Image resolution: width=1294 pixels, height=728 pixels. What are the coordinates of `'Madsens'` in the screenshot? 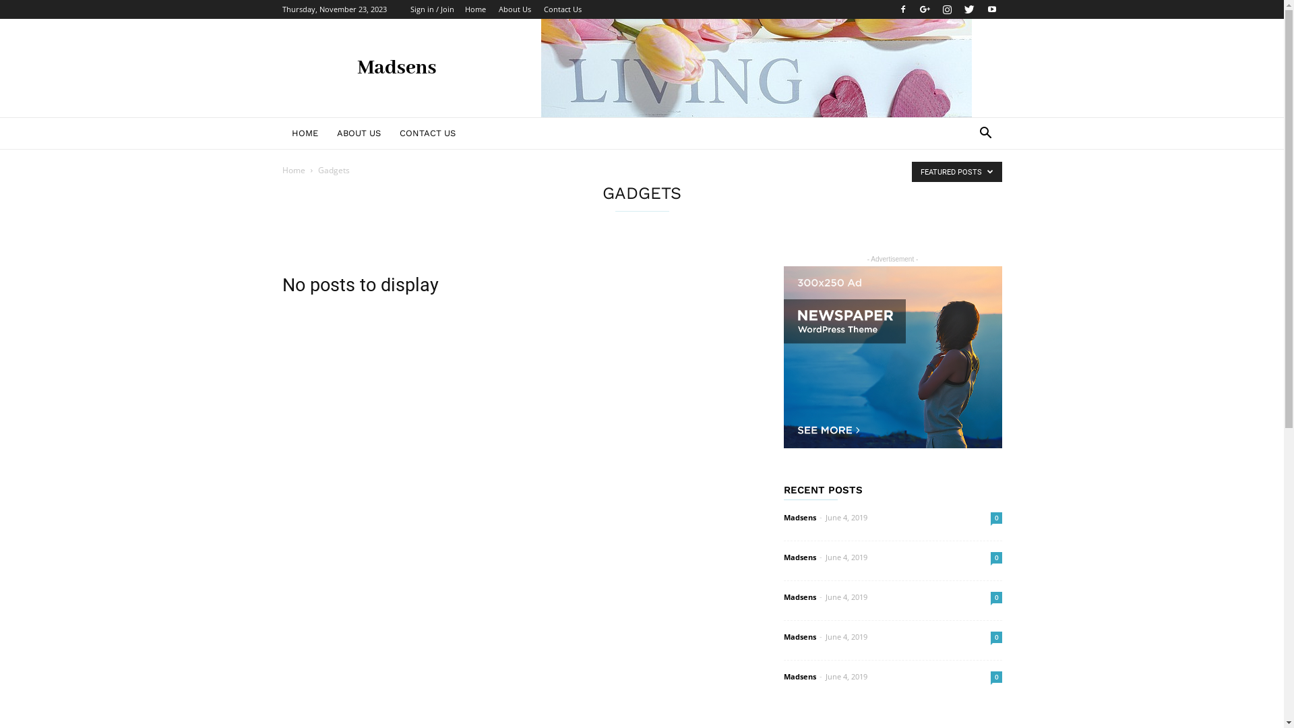 It's located at (799, 636).